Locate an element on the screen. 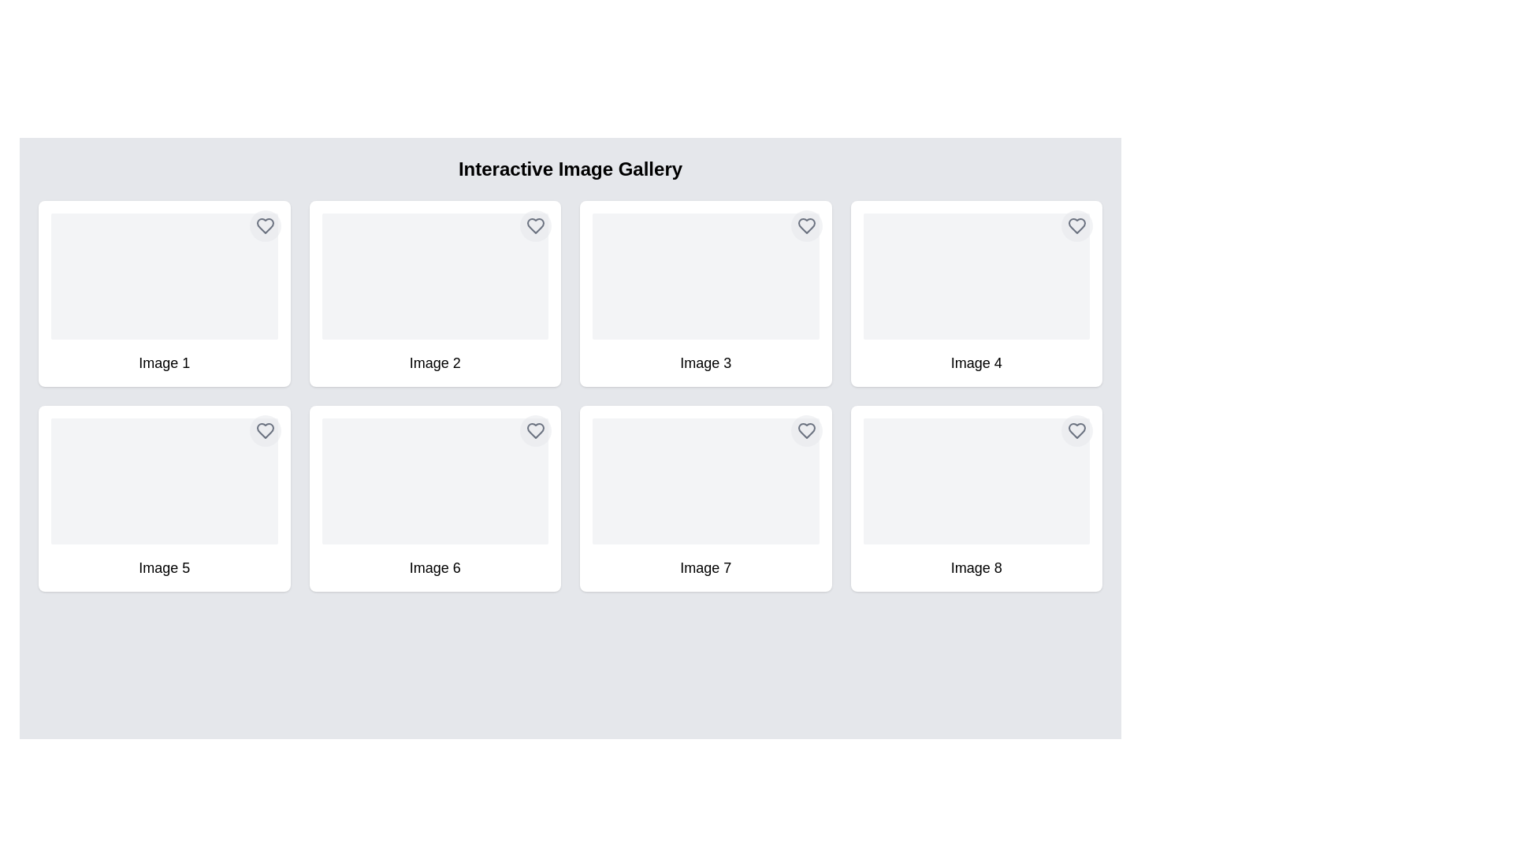 The width and height of the screenshot is (1513, 851). the heart-shaped icon located in the top-right corner of the card labeled 'Image 4' is located at coordinates (1076, 225).